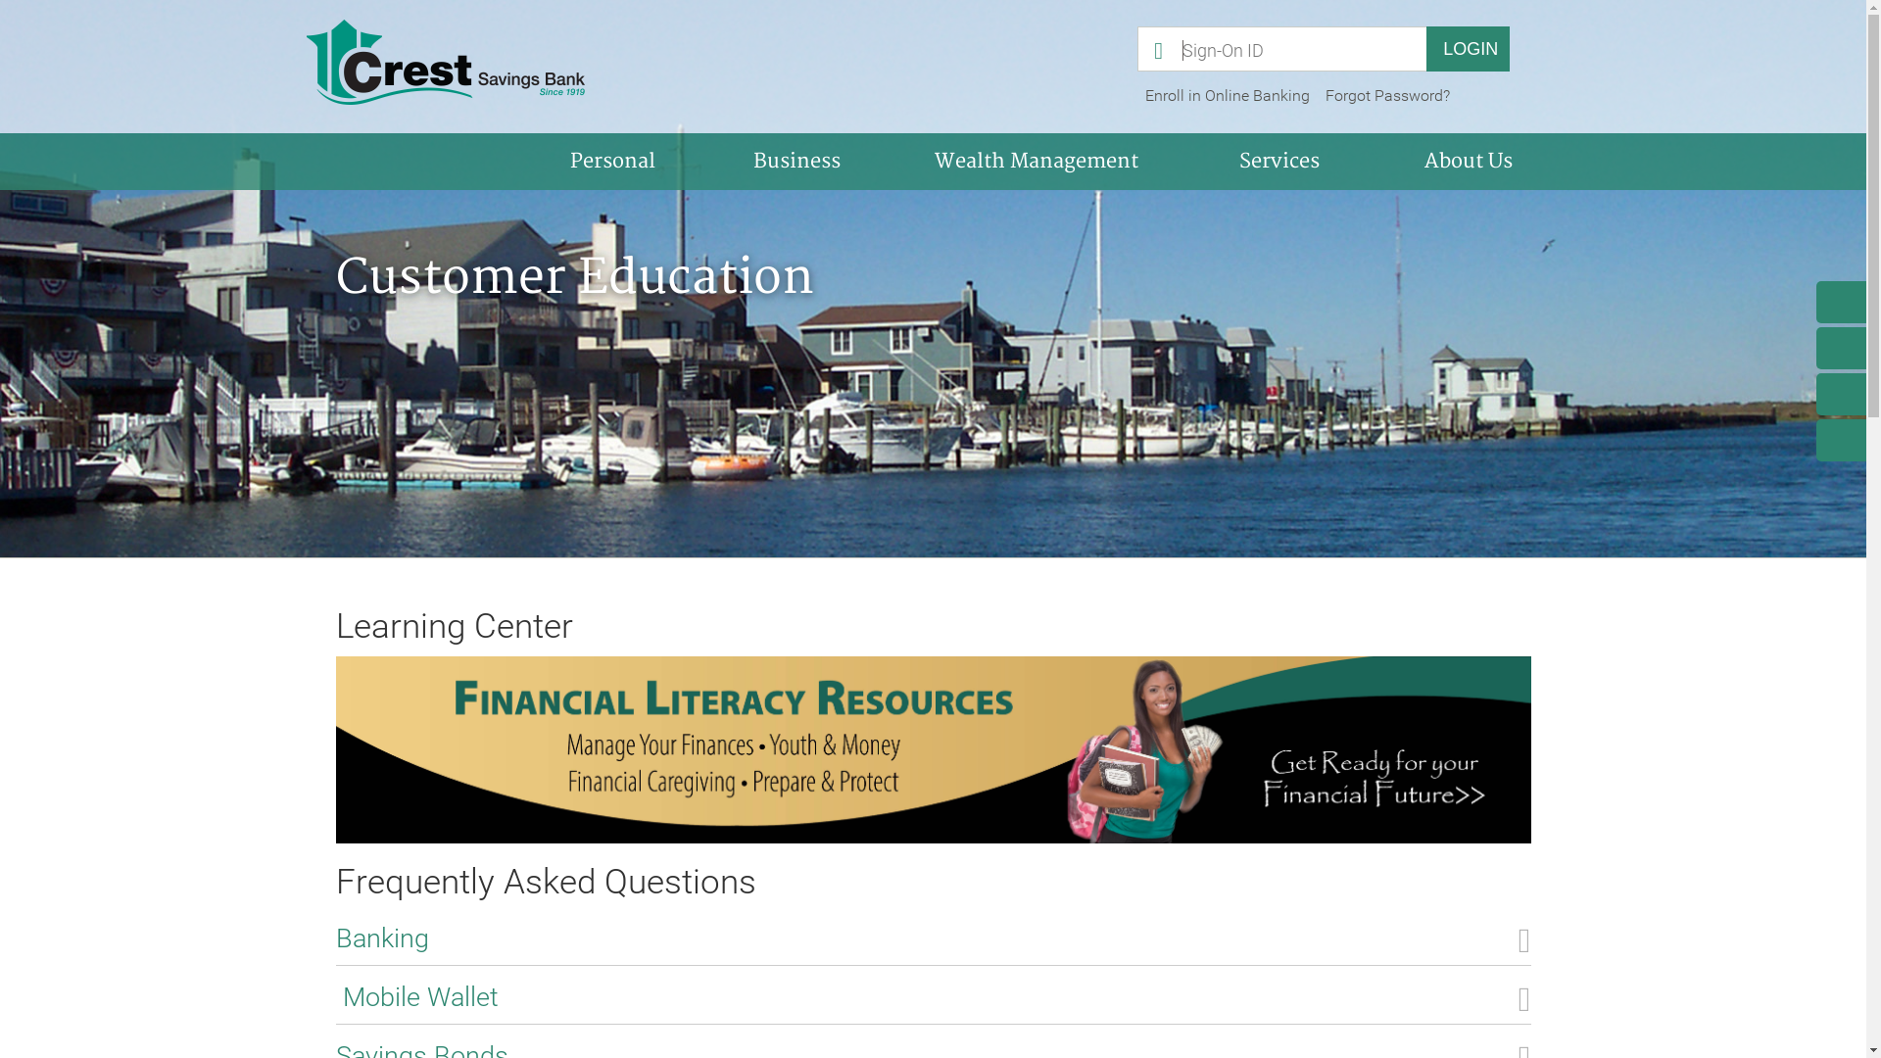  What do you see at coordinates (1468, 48) in the screenshot?
I see `'Login'` at bounding box center [1468, 48].